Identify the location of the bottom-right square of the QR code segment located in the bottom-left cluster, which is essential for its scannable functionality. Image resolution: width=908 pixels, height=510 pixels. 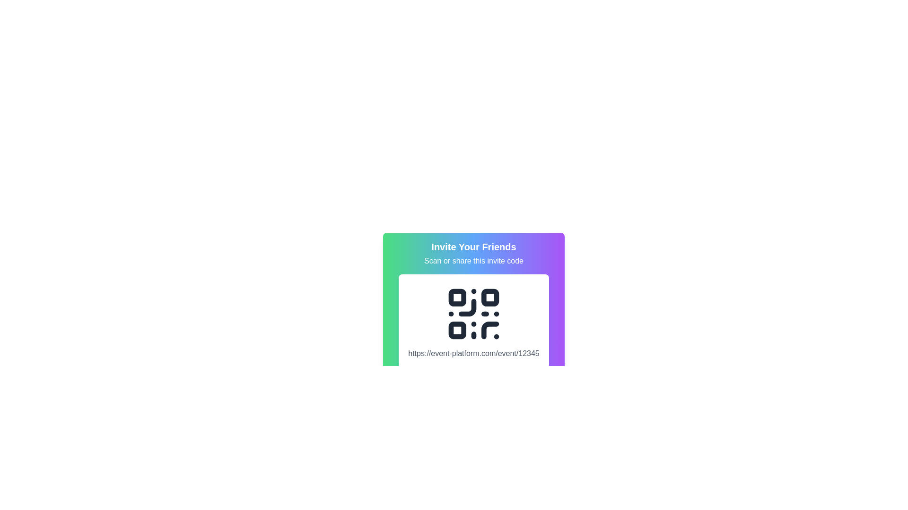
(457, 330).